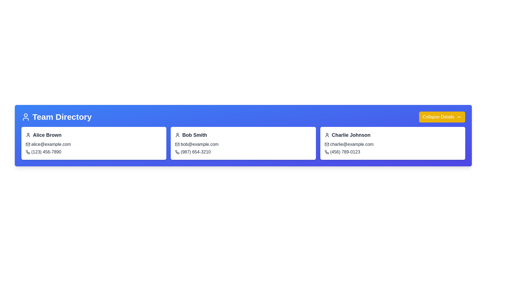  I want to click on the phone number indicator element displaying the phone number for 'Bob Smith', located in the second column of the team directory layout, so click(193, 152).